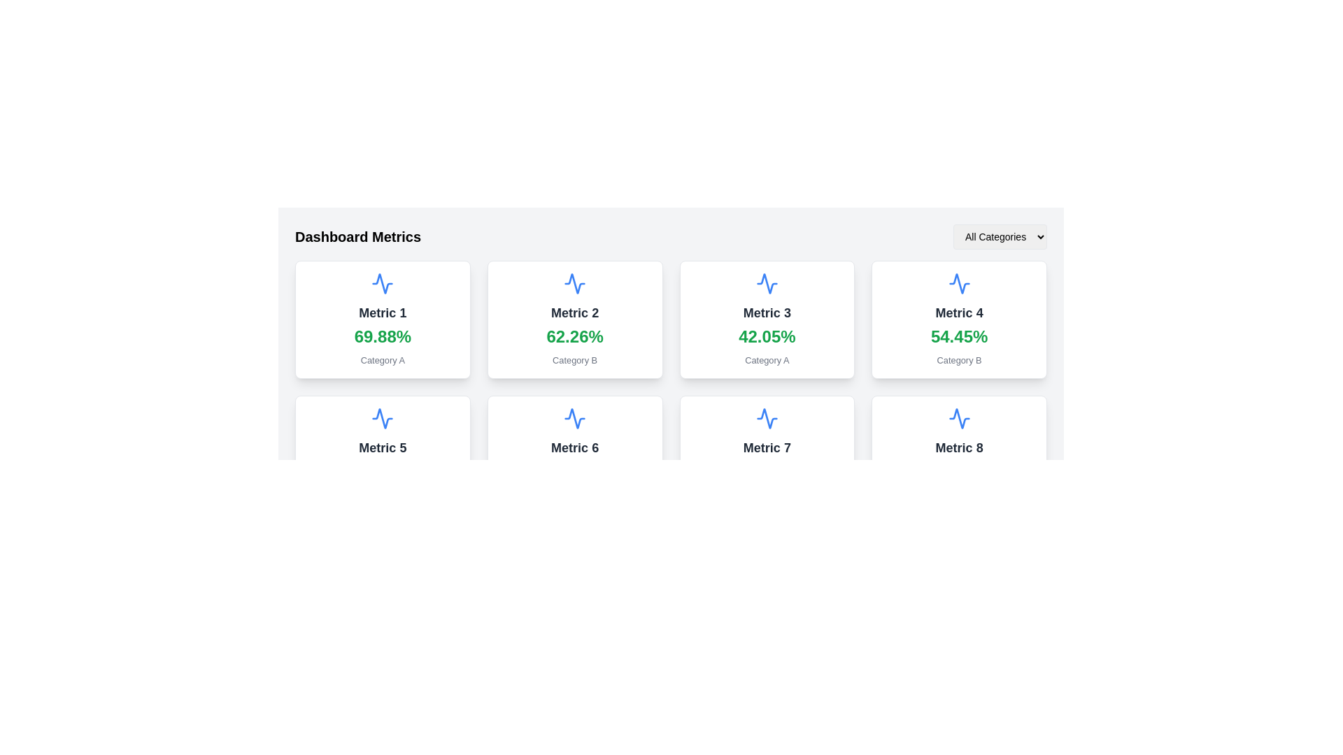 The width and height of the screenshot is (1343, 755). What do you see at coordinates (383, 359) in the screenshot?
I see `the static text label that summarizes or groups the data displayed in the card for 'Metric 1', located directly below the green bold '69.88%' value` at bounding box center [383, 359].